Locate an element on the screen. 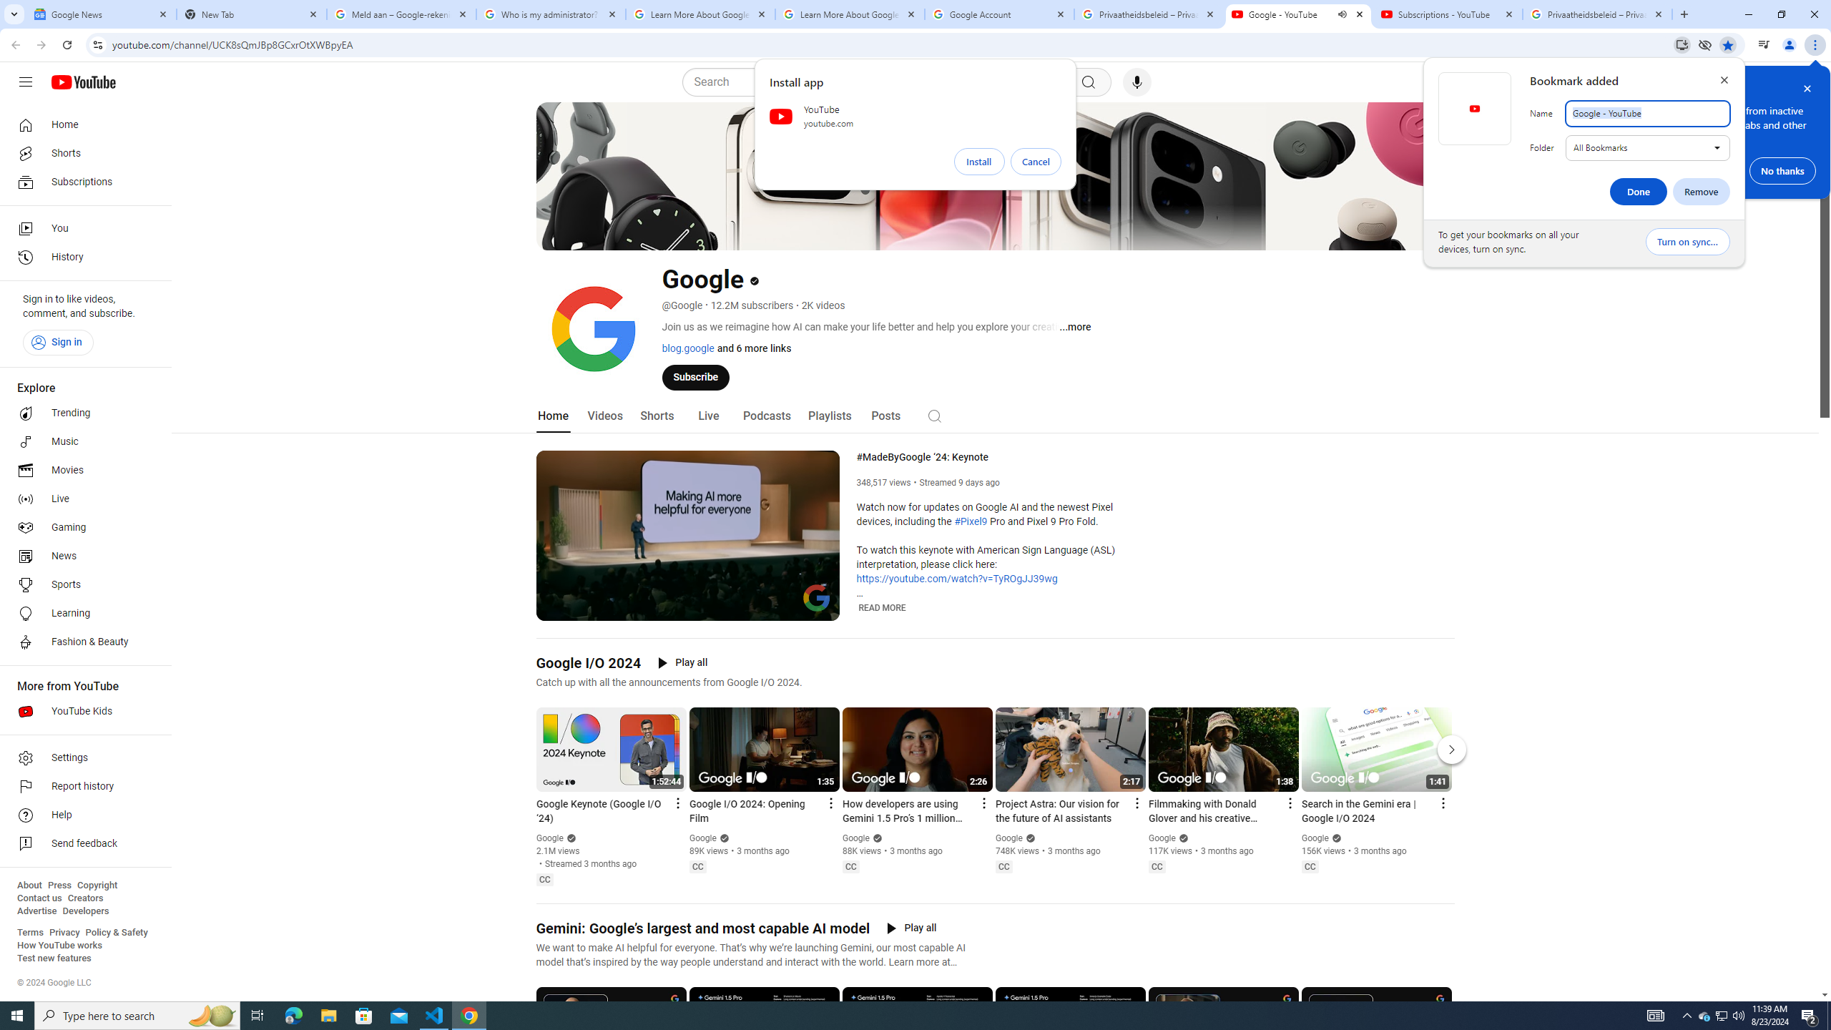  'Cancel' is located at coordinates (1035, 161).